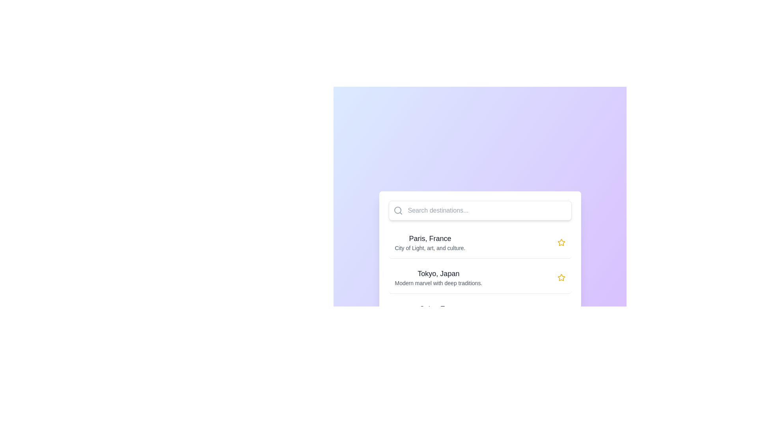 Image resolution: width=757 pixels, height=426 pixels. What do you see at coordinates (438, 282) in the screenshot?
I see `the Text Label located directly beneath the bold header 'Tokyo, Japan', which is styled with a small font size and gray color` at bounding box center [438, 282].